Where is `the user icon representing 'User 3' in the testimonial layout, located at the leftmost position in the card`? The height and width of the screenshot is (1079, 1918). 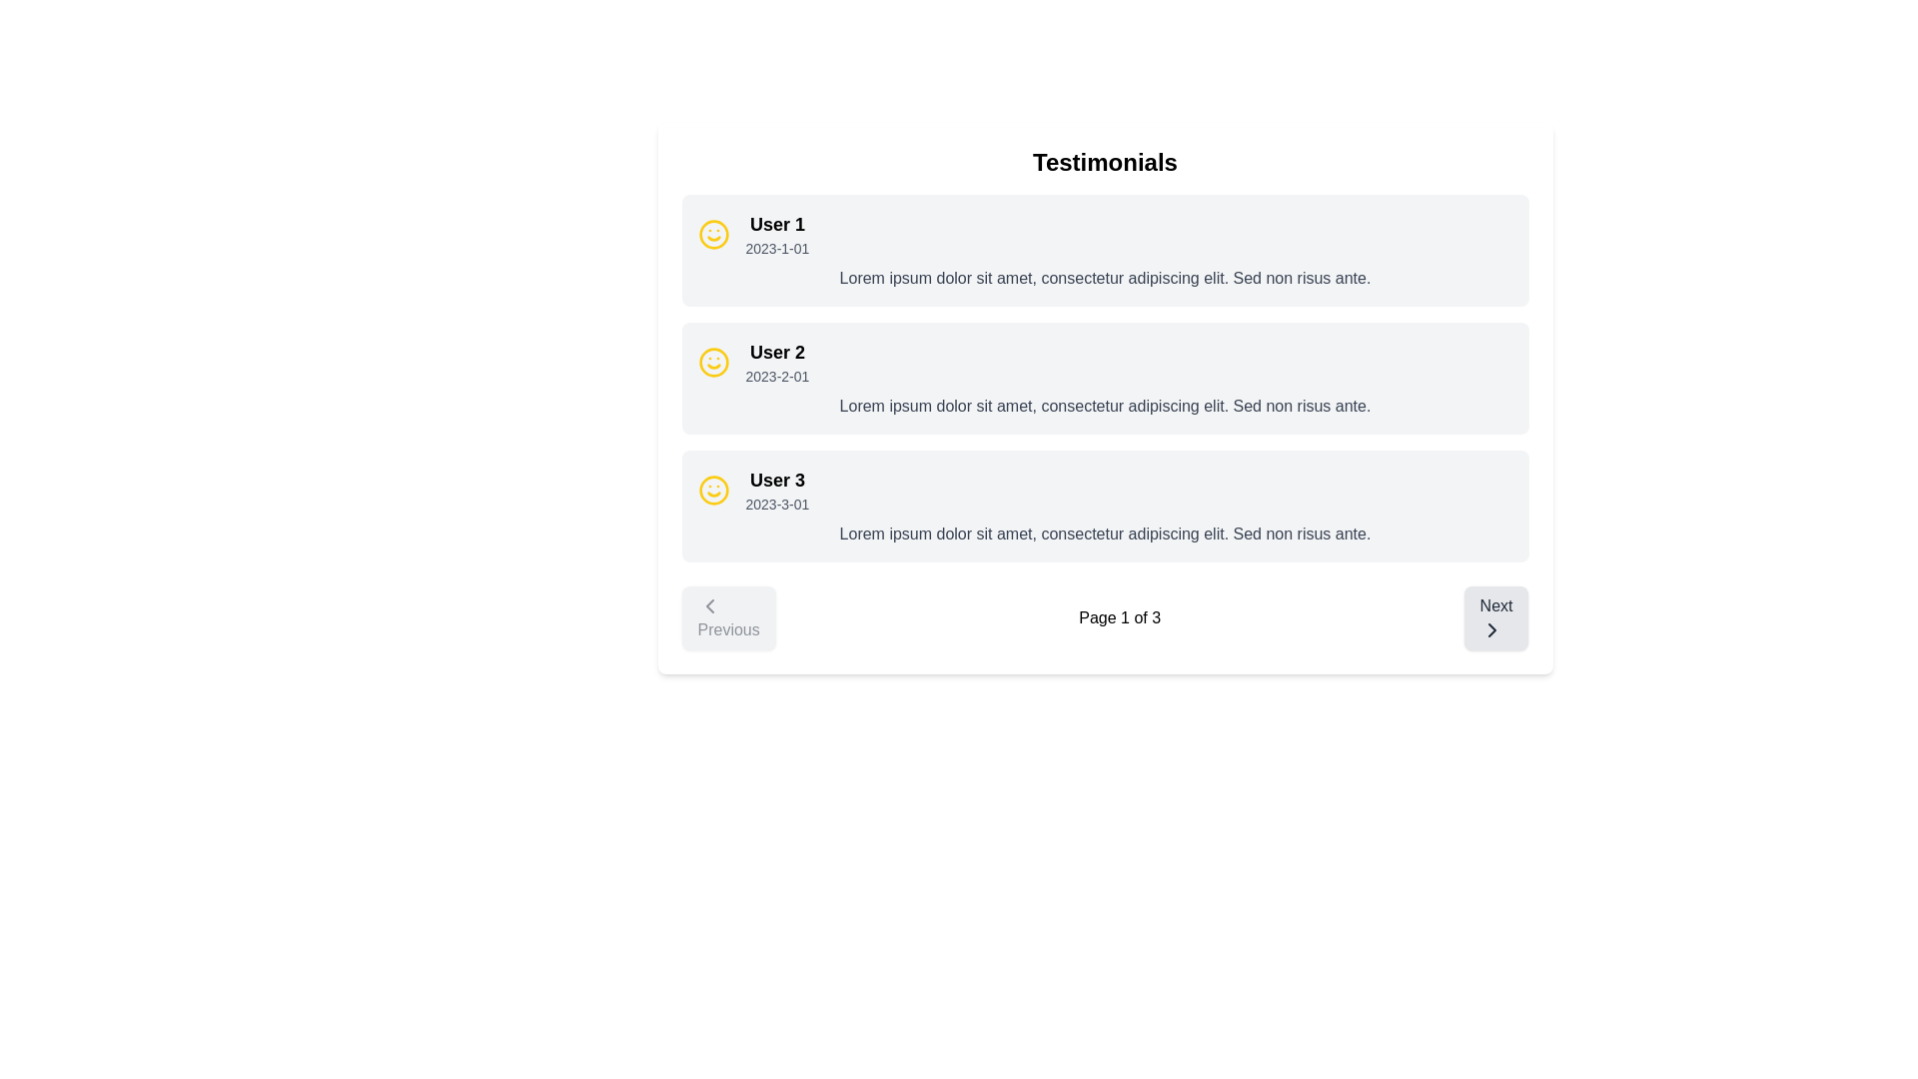
the user icon representing 'User 3' in the testimonial layout, located at the leftmost position in the card is located at coordinates (713, 490).